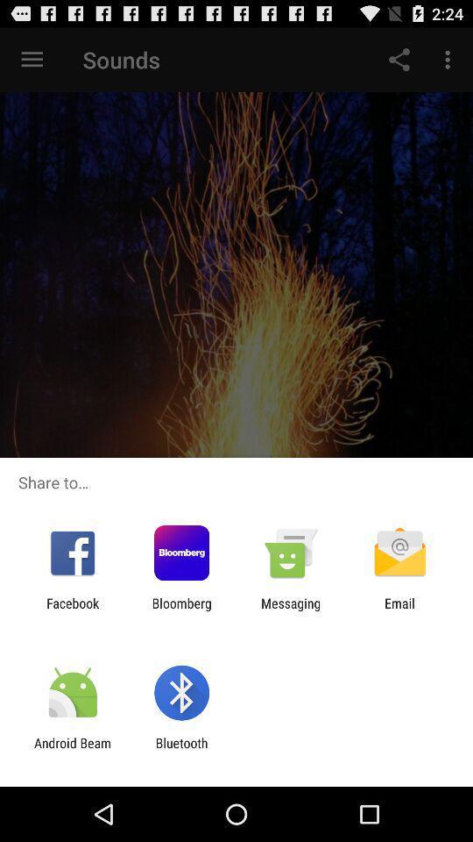  What do you see at coordinates (72, 610) in the screenshot?
I see `icon next to the bloomberg item` at bounding box center [72, 610].